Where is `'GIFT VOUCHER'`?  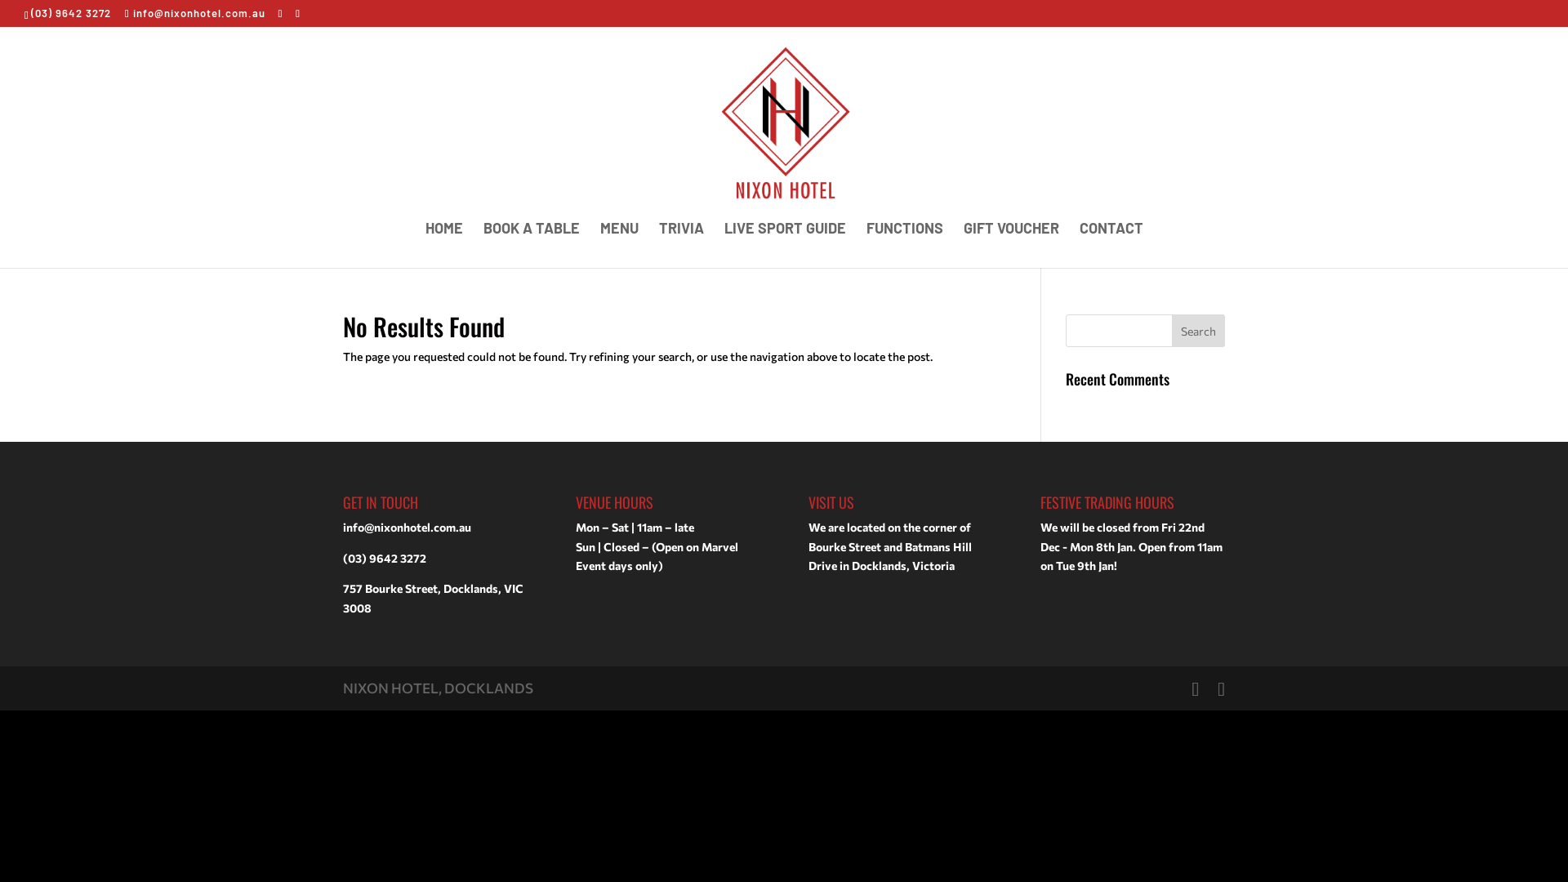 'GIFT VOUCHER' is located at coordinates (1010, 245).